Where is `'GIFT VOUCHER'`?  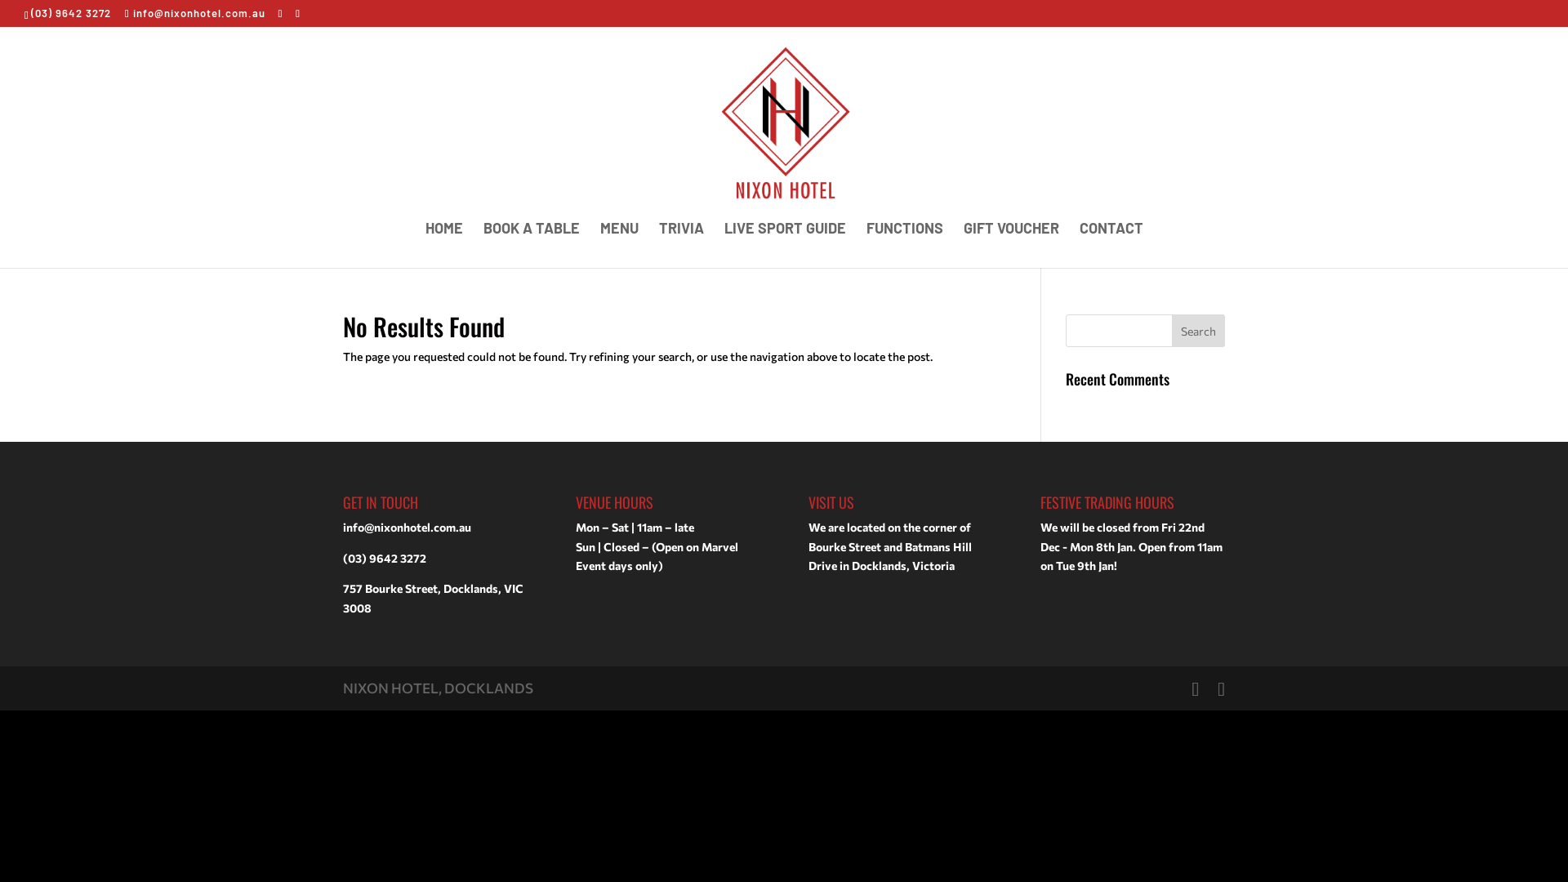 'GIFT VOUCHER' is located at coordinates (1010, 245).